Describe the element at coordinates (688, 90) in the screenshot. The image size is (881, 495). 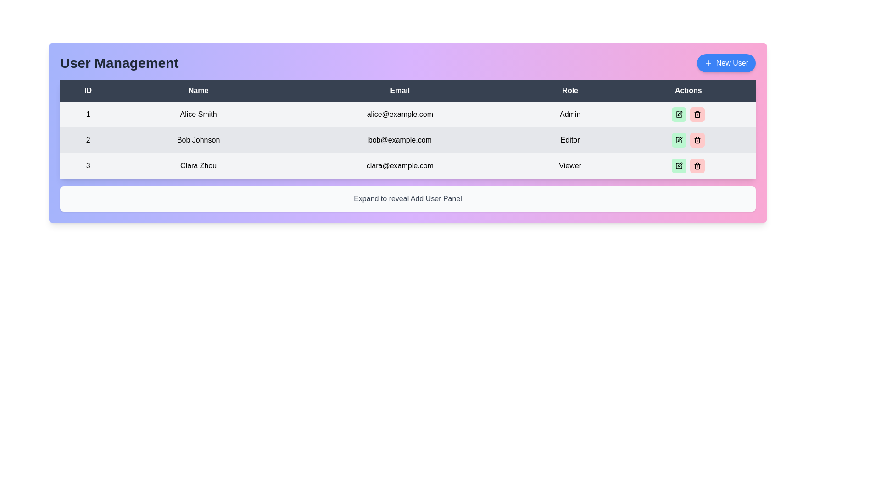
I see `the 'Actions' header in the table, which is the rightmost item following 'Role'` at that location.